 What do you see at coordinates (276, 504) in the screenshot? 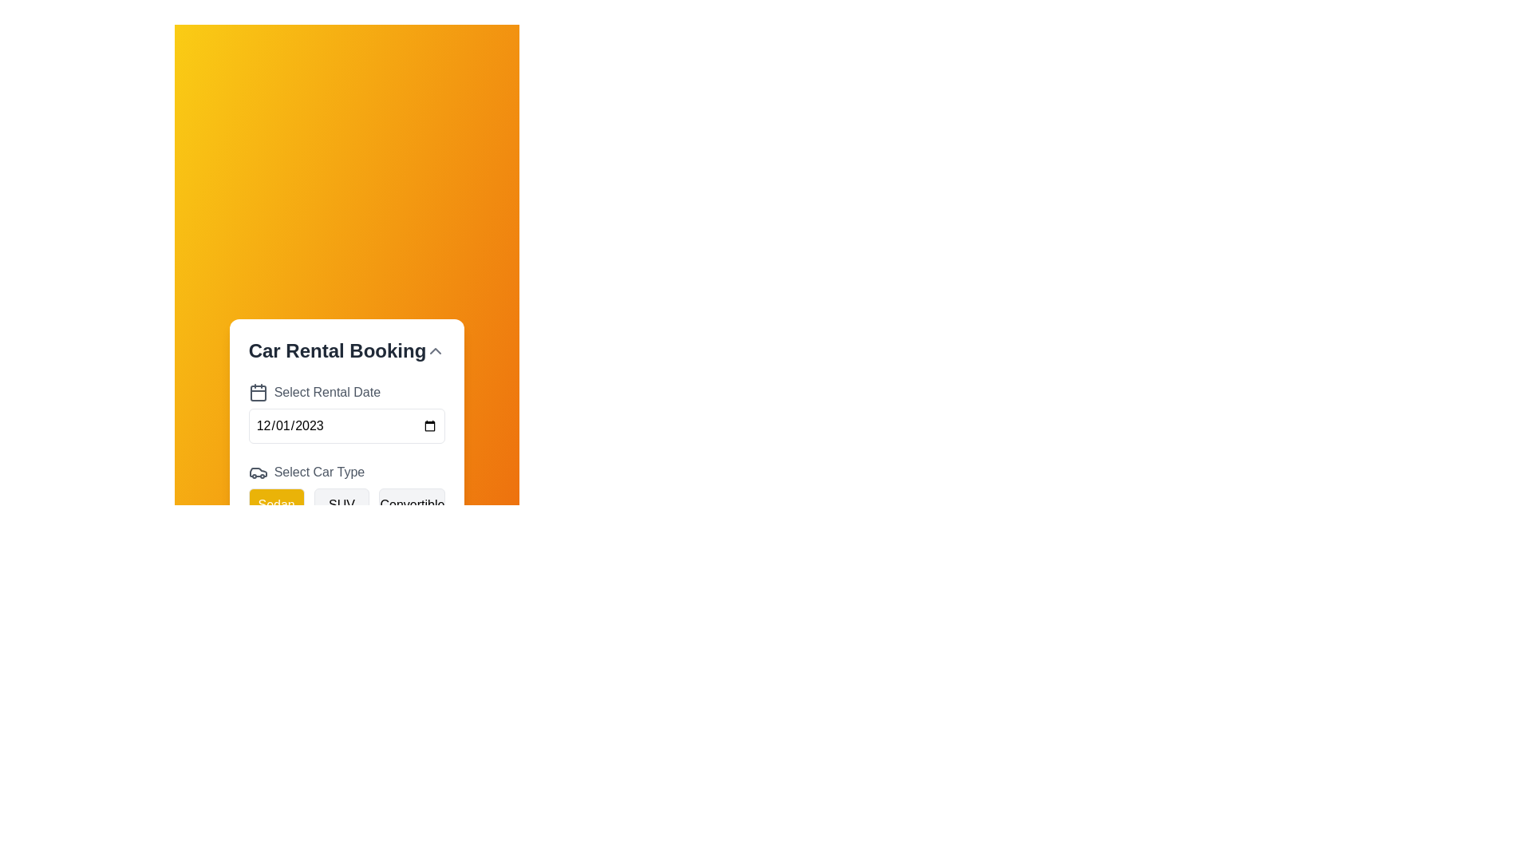
I see `the 'Sedan' button` at bounding box center [276, 504].